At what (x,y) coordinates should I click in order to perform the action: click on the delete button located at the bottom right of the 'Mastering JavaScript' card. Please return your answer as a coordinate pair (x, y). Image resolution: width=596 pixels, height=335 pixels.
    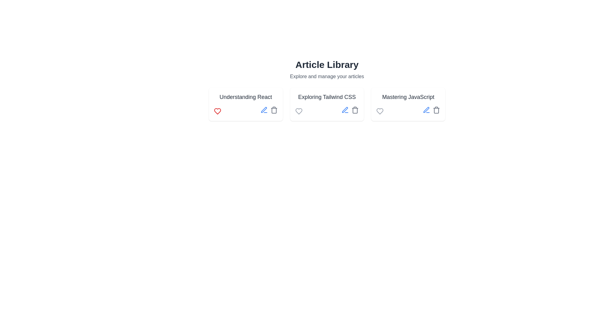
    Looking at the image, I should click on (436, 109).